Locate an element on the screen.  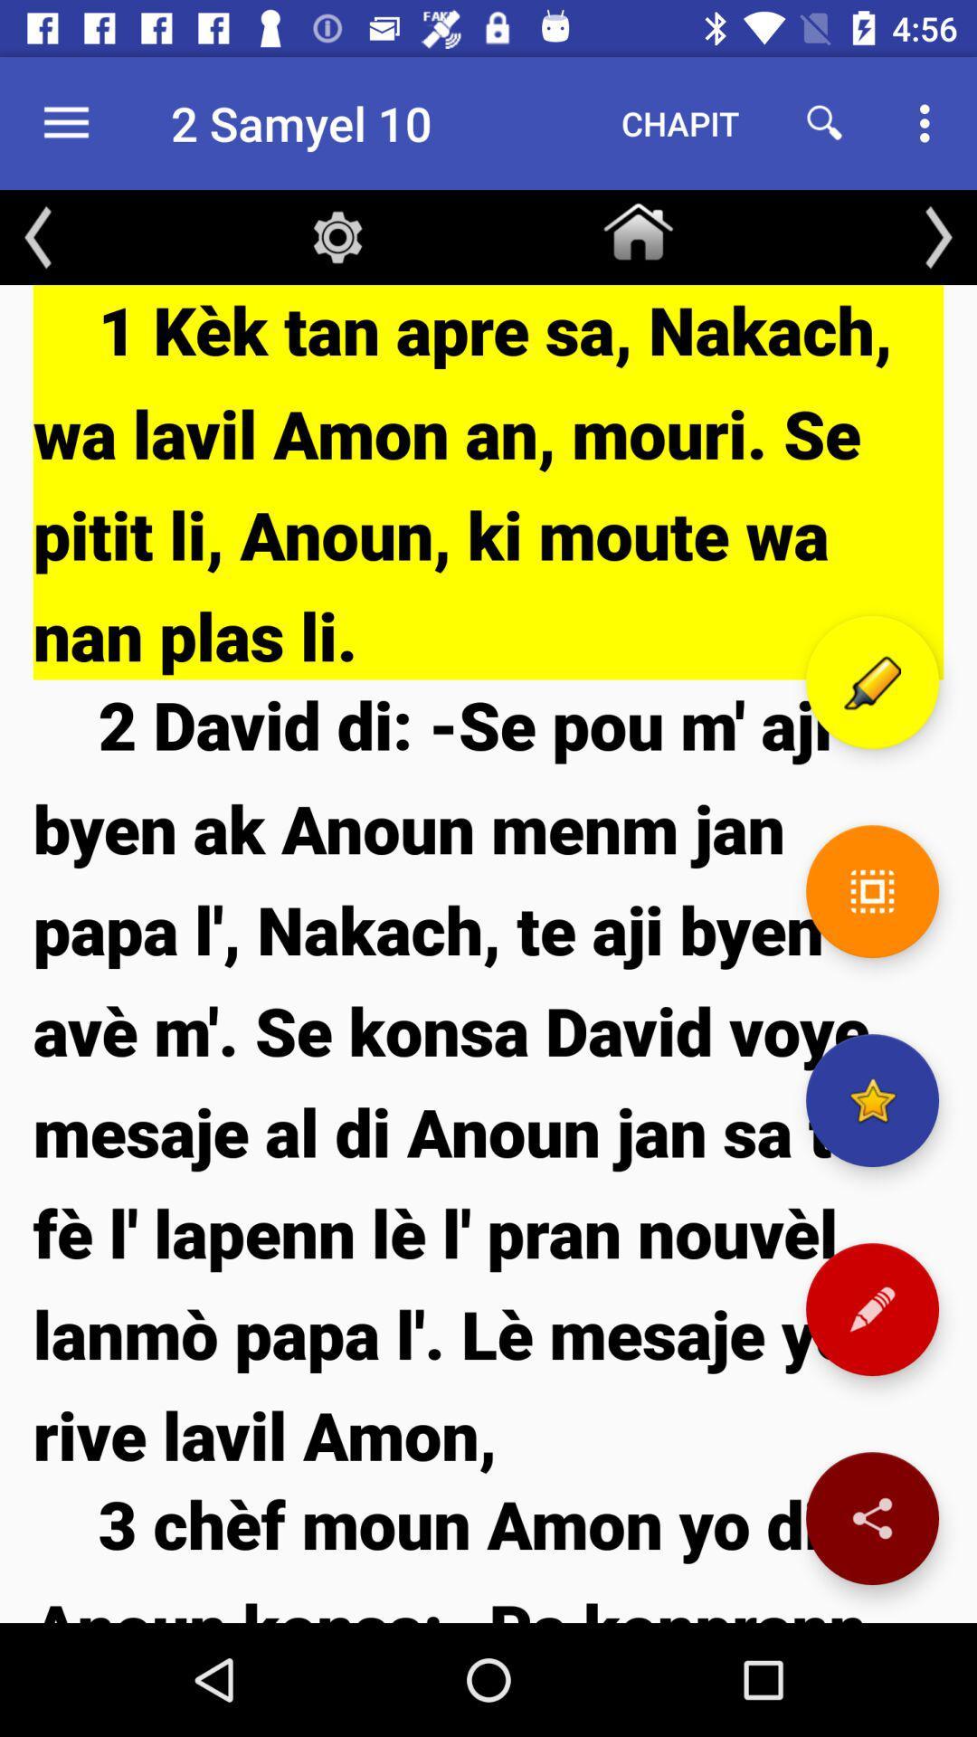
item to the right of the chapit is located at coordinates (824, 122).